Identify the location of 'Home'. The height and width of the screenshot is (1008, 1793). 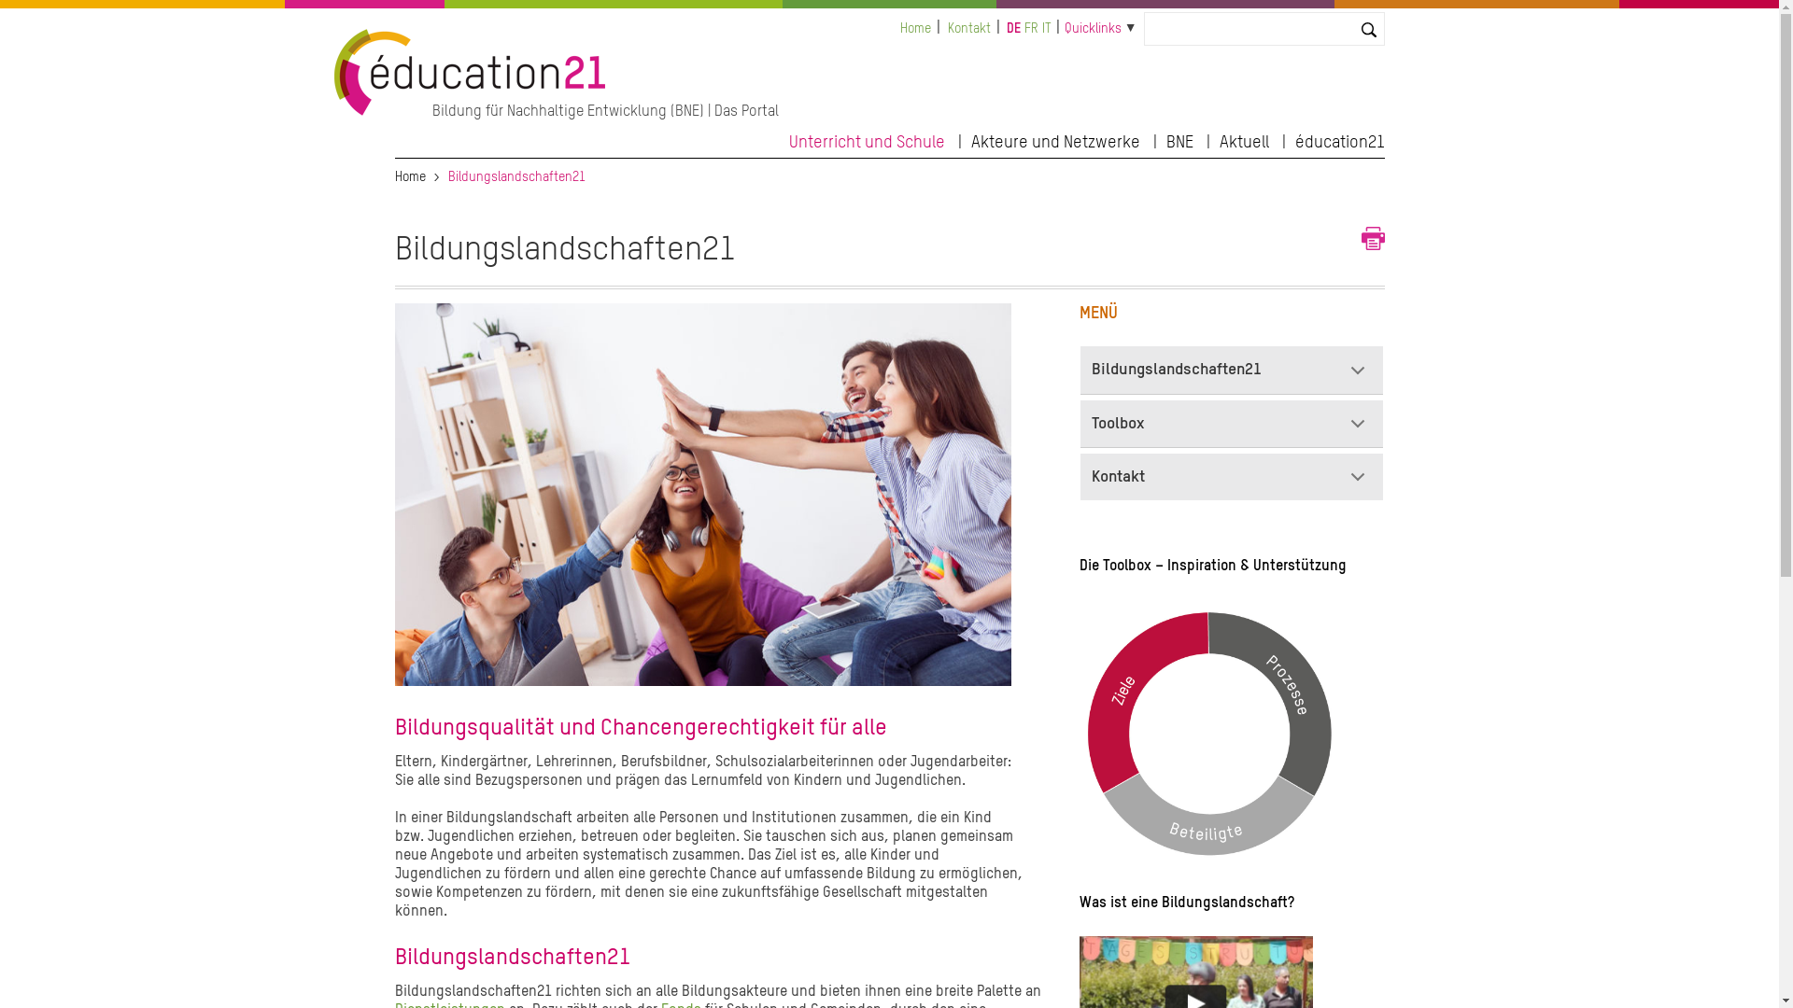
(334, 111).